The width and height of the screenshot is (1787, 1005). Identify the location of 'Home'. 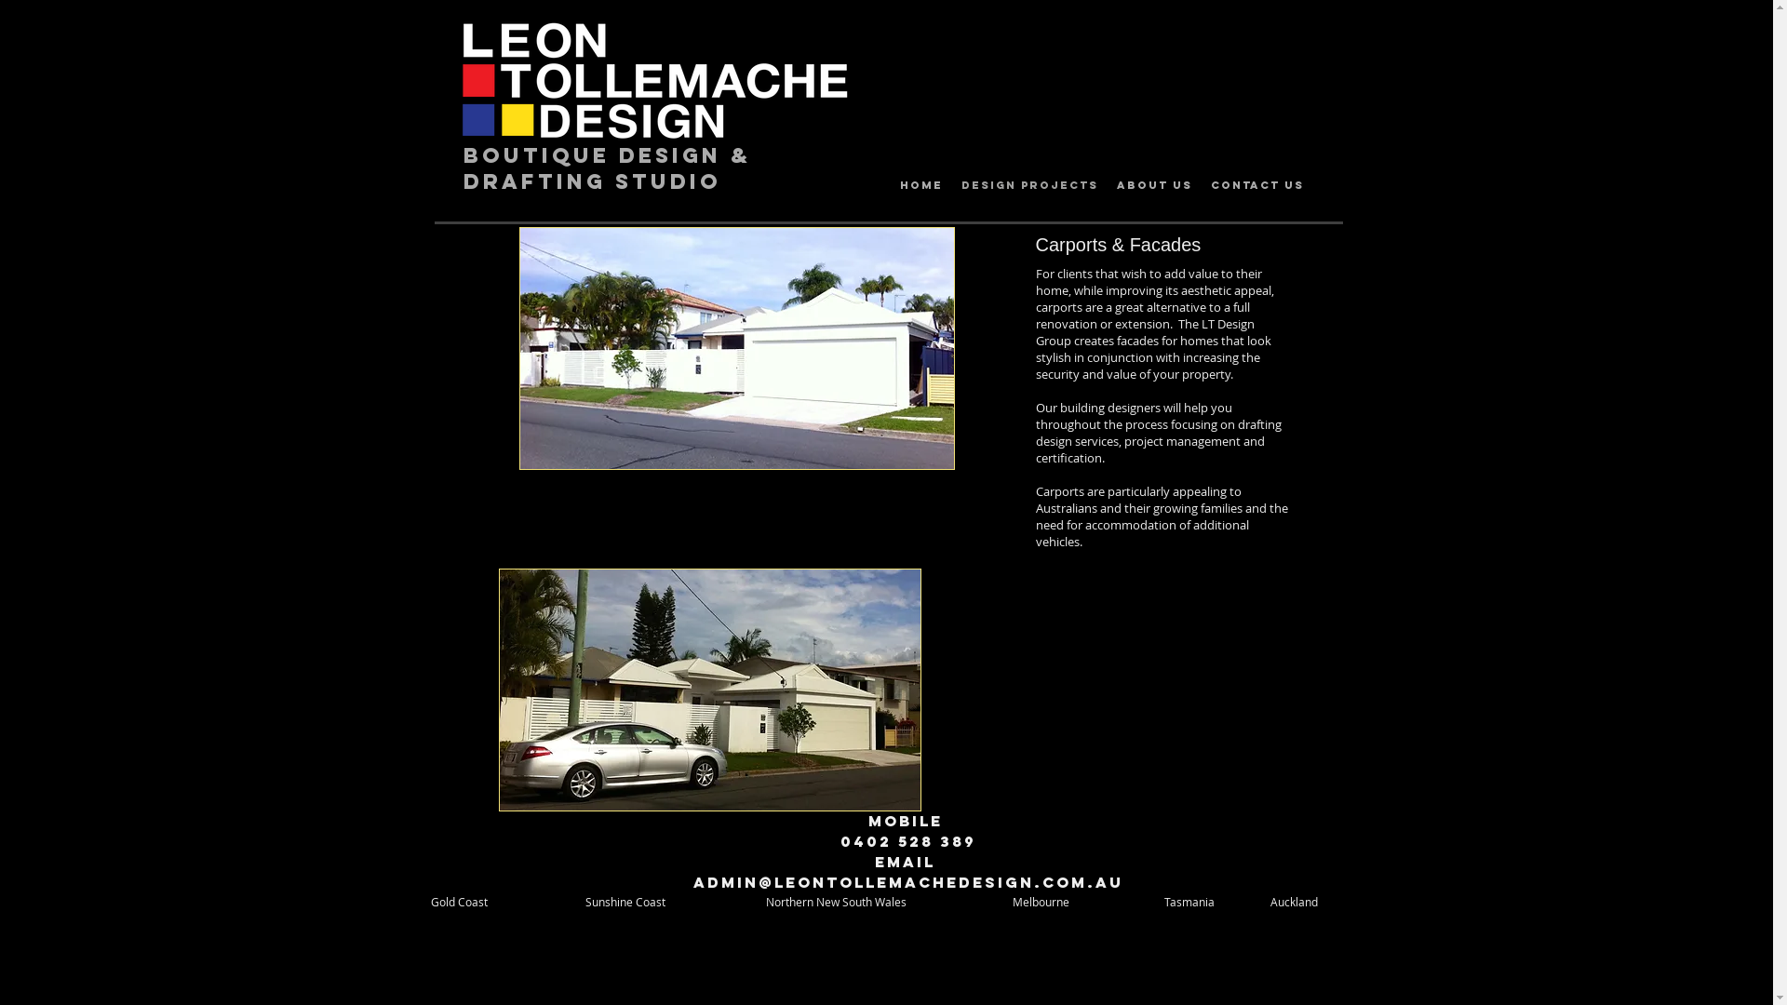
(920, 185).